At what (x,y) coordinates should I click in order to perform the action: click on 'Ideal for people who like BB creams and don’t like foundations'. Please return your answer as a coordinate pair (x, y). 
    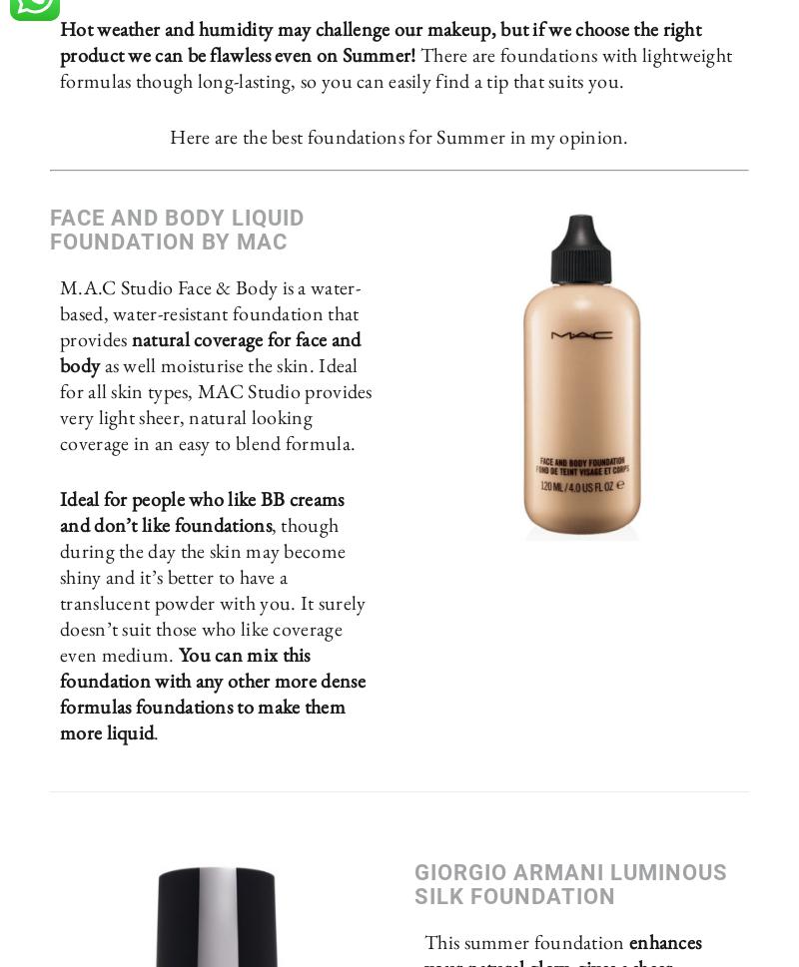
    Looking at the image, I should click on (202, 510).